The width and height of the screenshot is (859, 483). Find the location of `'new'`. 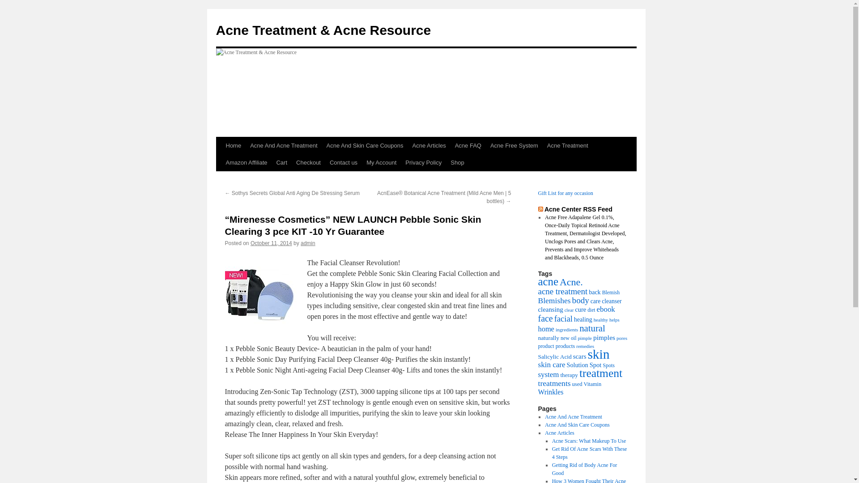

'new' is located at coordinates (564, 338).